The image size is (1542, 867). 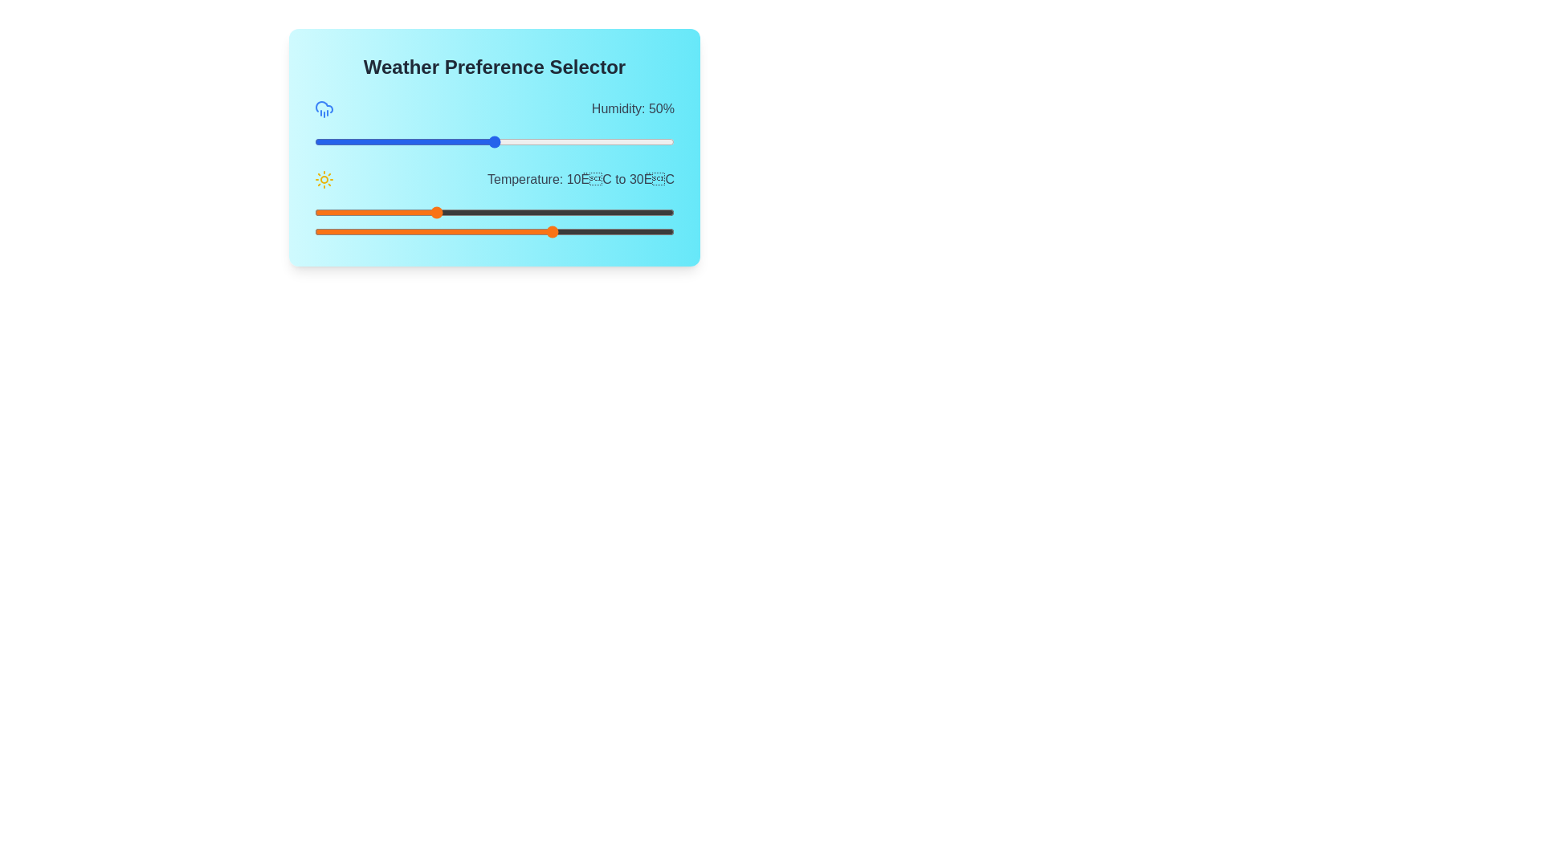 What do you see at coordinates (325, 212) in the screenshot?
I see `the minimum temperature preference to -8°C using the first orange slider` at bounding box center [325, 212].